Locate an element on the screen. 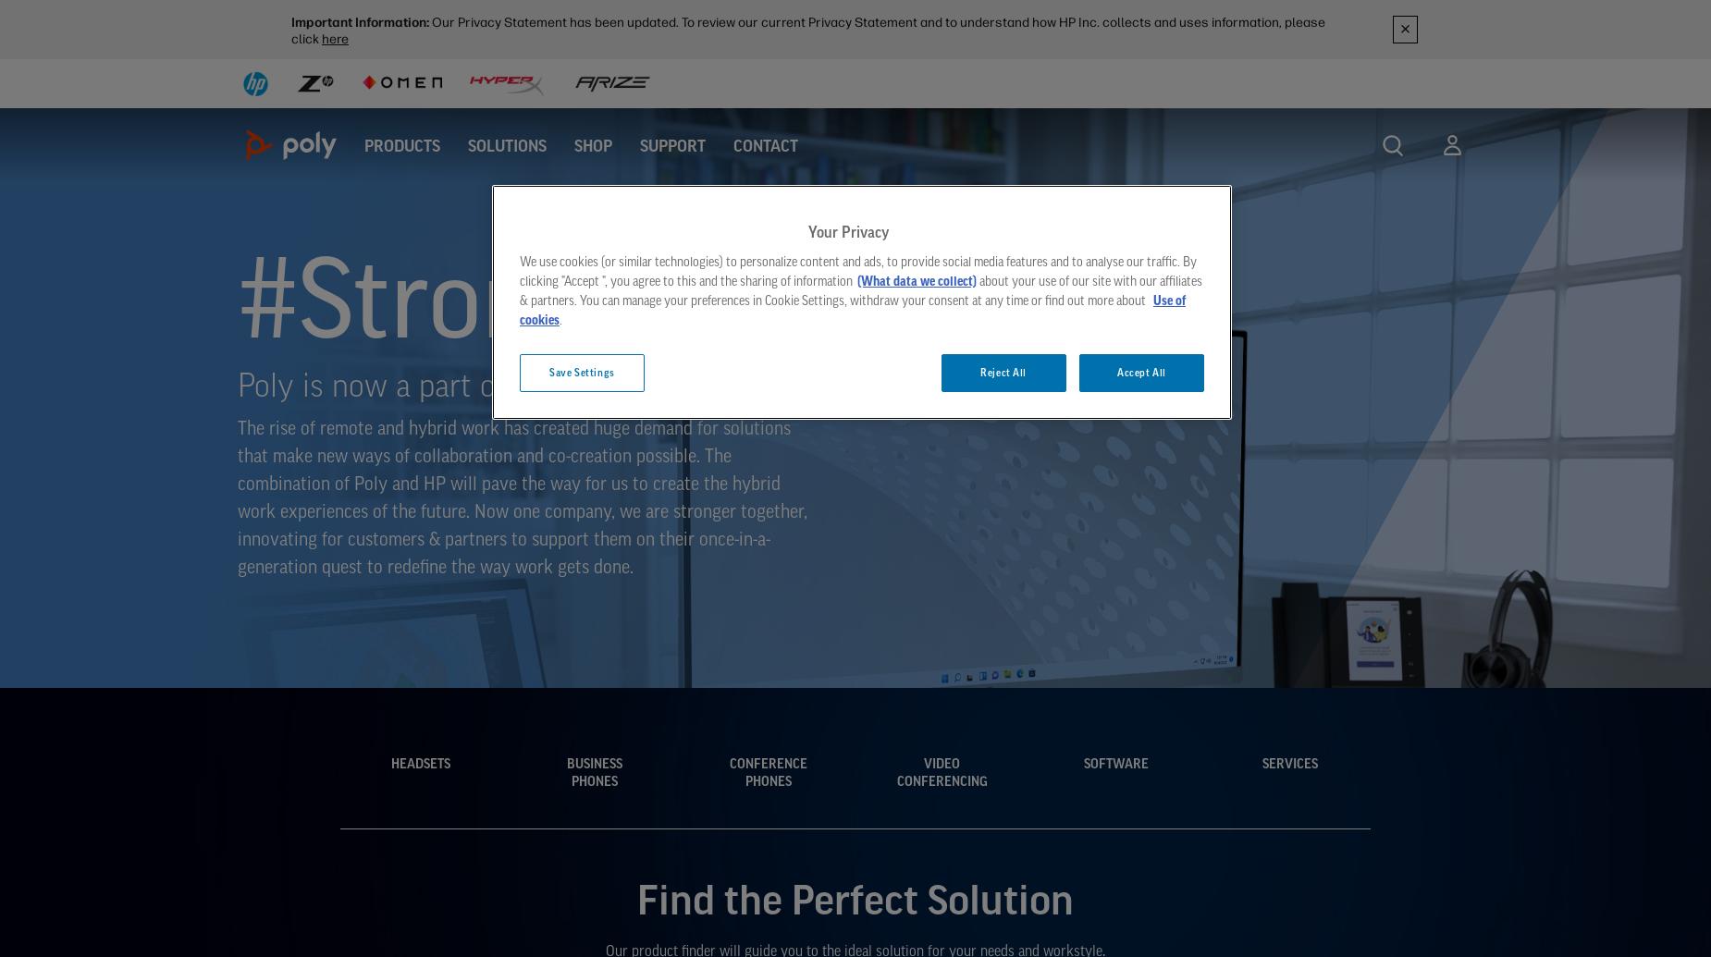 This screenshot has width=1711, height=957. 'Headsets' is located at coordinates (418, 761).